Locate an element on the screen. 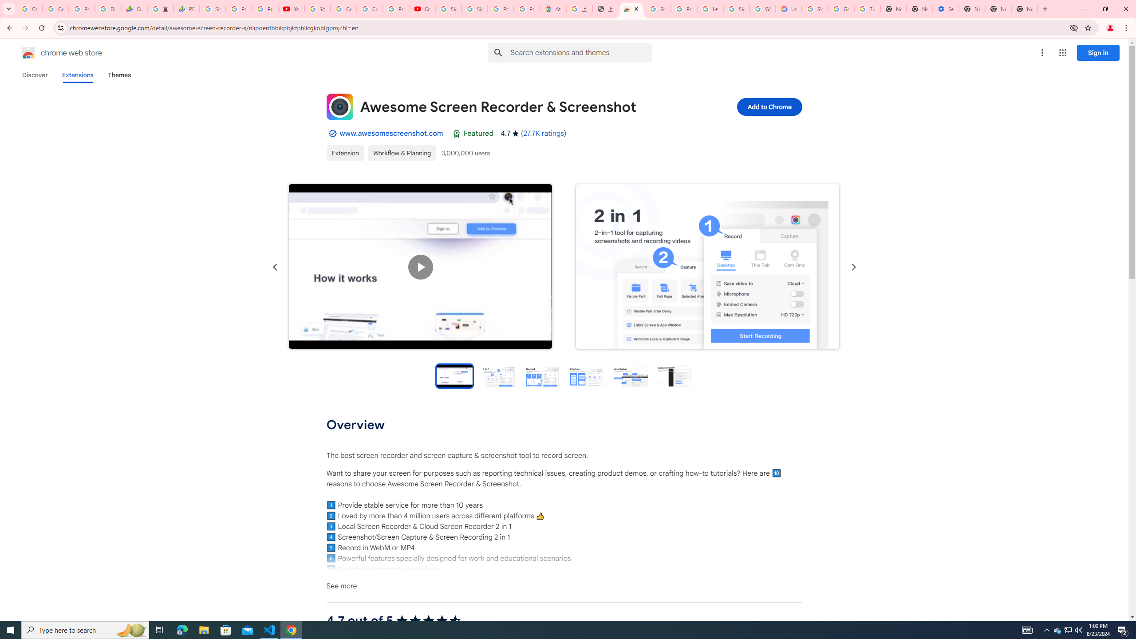 This screenshot has height=639, width=1136. 'Item logo image for Awesome Screen Recorder & Screenshot' is located at coordinates (339, 107).